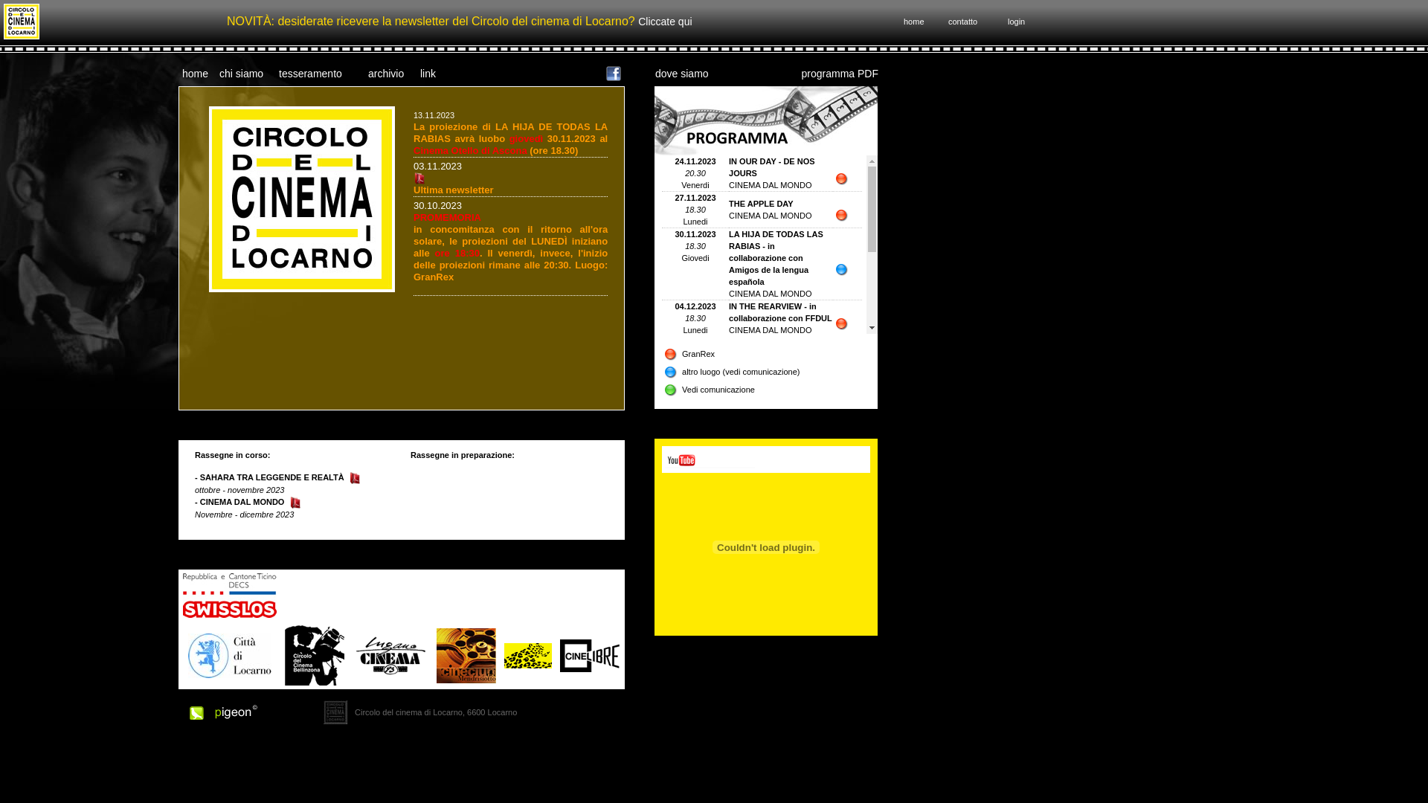  Describe the element at coordinates (427, 72) in the screenshot. I see `'link'` at that location.